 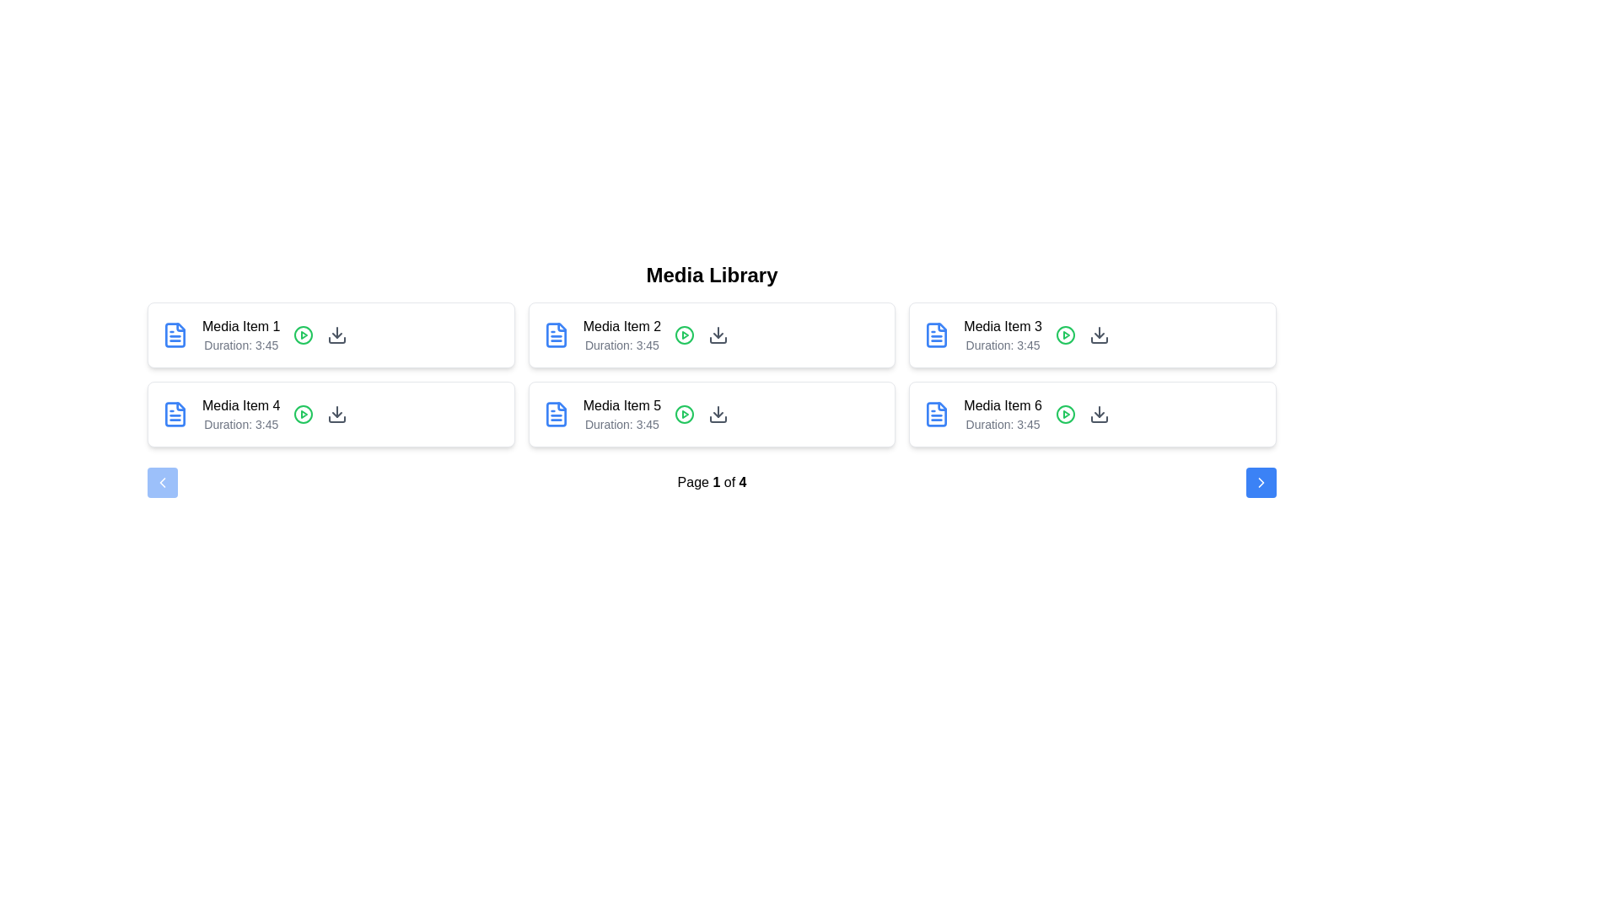 I want to click on the graphical icon representing the file or document associated with 'Media Item 1', so click(x=175, y=415).